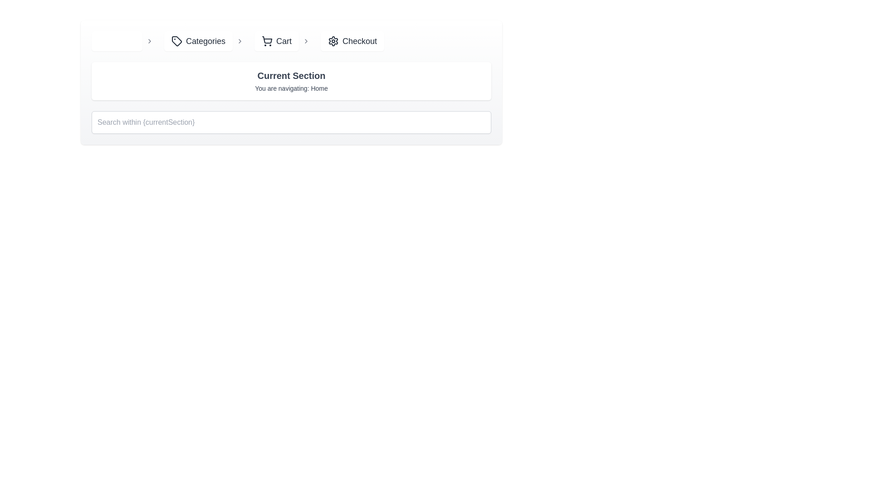  What do you see at coordinates (176, 41) in the screenshot?
I see `the 'Categories' icon located at the far-left side of the 'Categories' button in the top horizontal navigation bar` at bounding box center [176, 41].